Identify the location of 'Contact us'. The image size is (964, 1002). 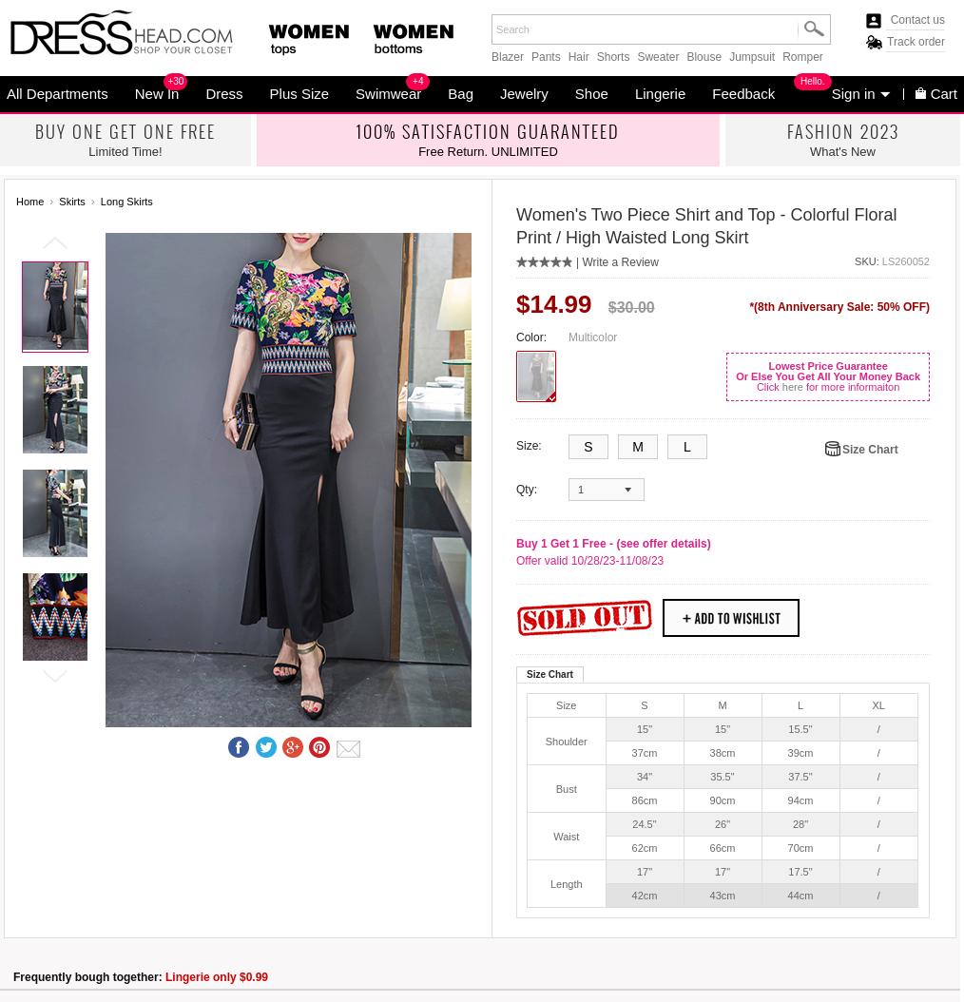
(917, 19).